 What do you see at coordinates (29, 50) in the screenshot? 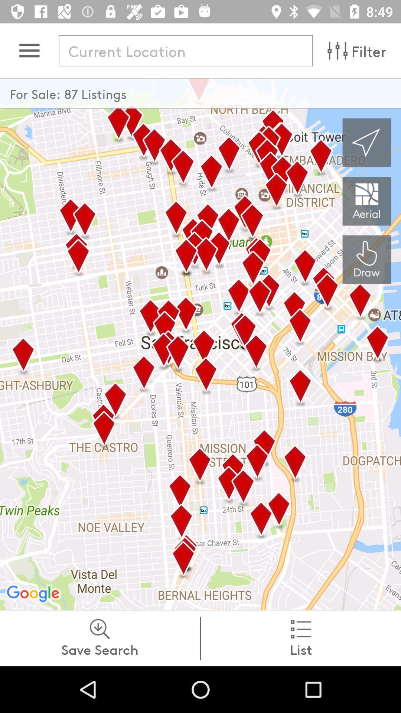
I see `your options to use` at bounding box center [29, 50].